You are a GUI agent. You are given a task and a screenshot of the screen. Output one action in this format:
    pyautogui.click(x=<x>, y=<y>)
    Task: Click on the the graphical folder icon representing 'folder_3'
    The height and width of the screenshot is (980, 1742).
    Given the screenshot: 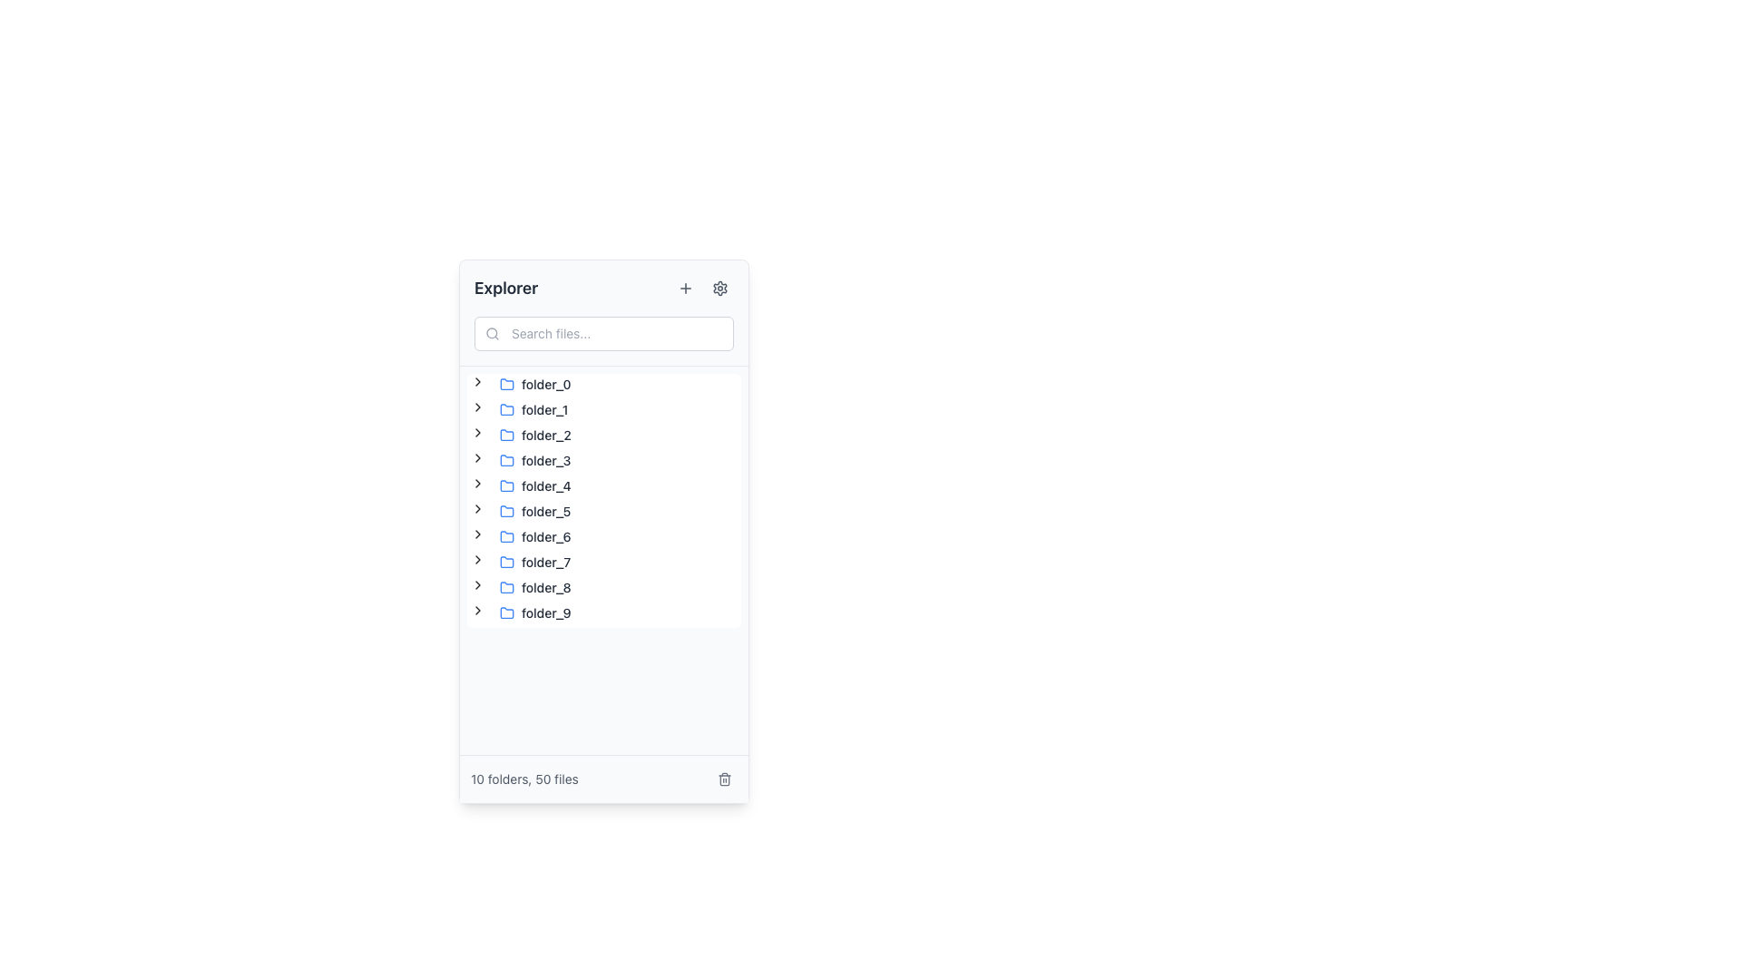 What is the action you would take?
    pyautogui.click(x=506, y=460)
    